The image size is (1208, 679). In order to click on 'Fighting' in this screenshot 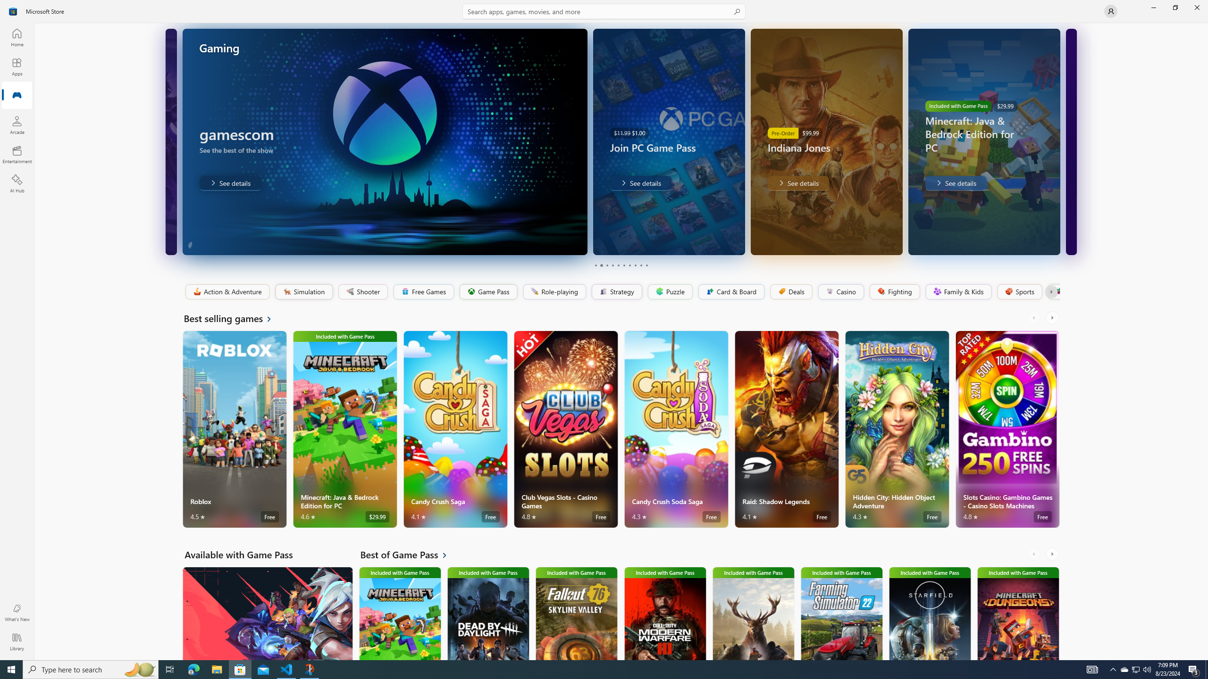, I will do `click(894, 291)`.